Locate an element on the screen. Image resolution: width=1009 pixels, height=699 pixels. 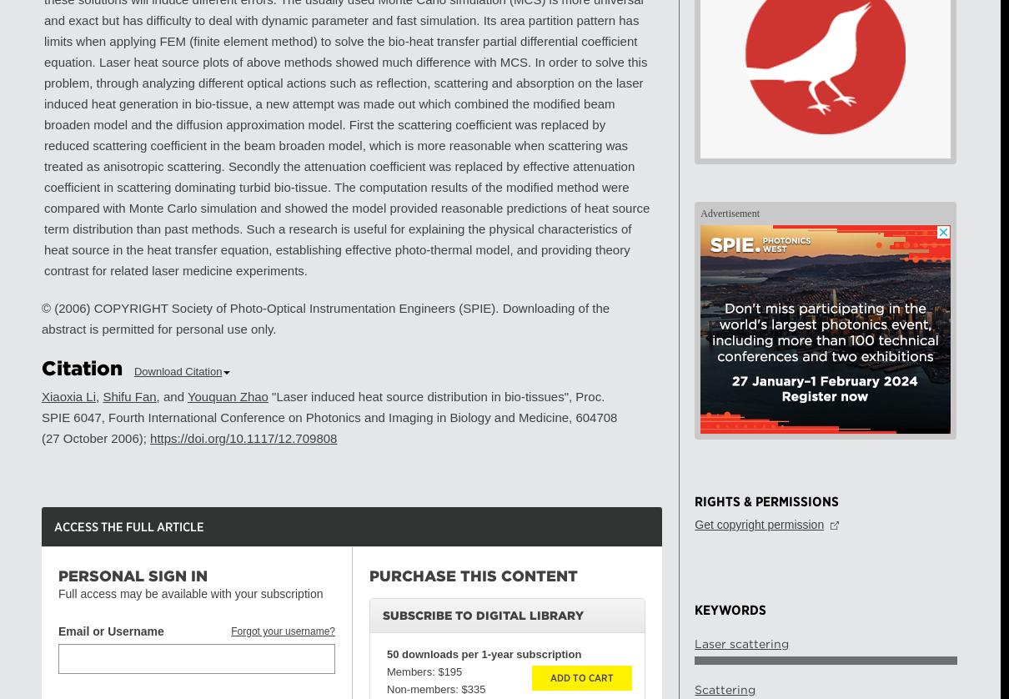
'Laser scattering' is located at coordinates (740, 642).